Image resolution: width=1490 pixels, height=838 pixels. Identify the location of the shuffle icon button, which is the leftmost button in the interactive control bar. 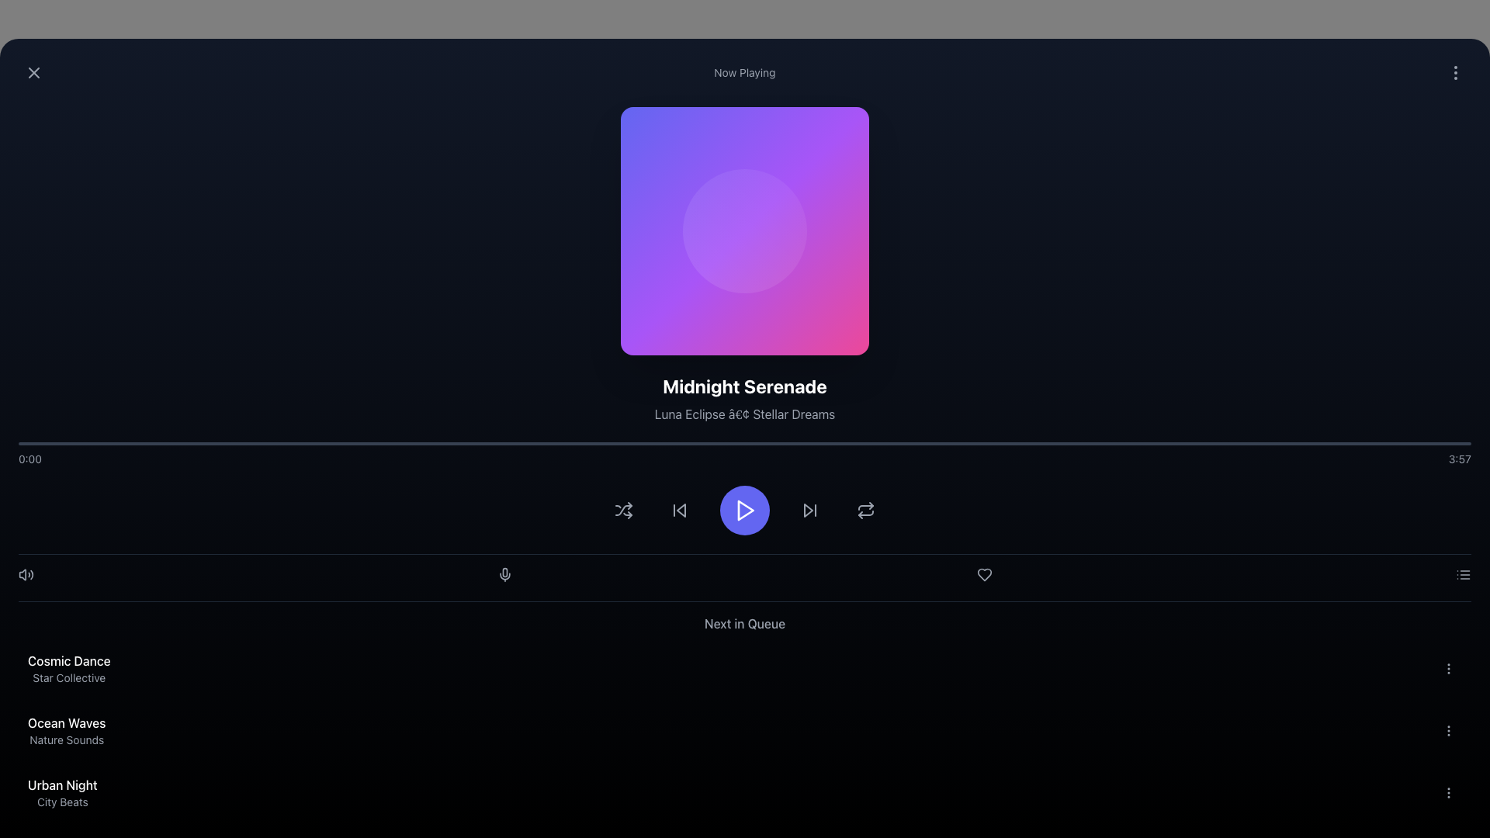
(624, 511).